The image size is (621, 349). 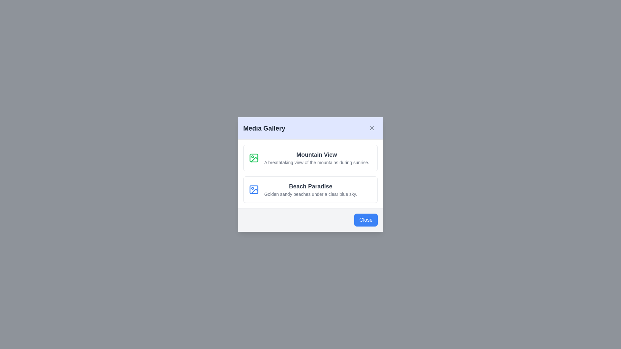 I want to click on the icon of the media item corresponding to Beach Paradise, so click(x=254, y=189).